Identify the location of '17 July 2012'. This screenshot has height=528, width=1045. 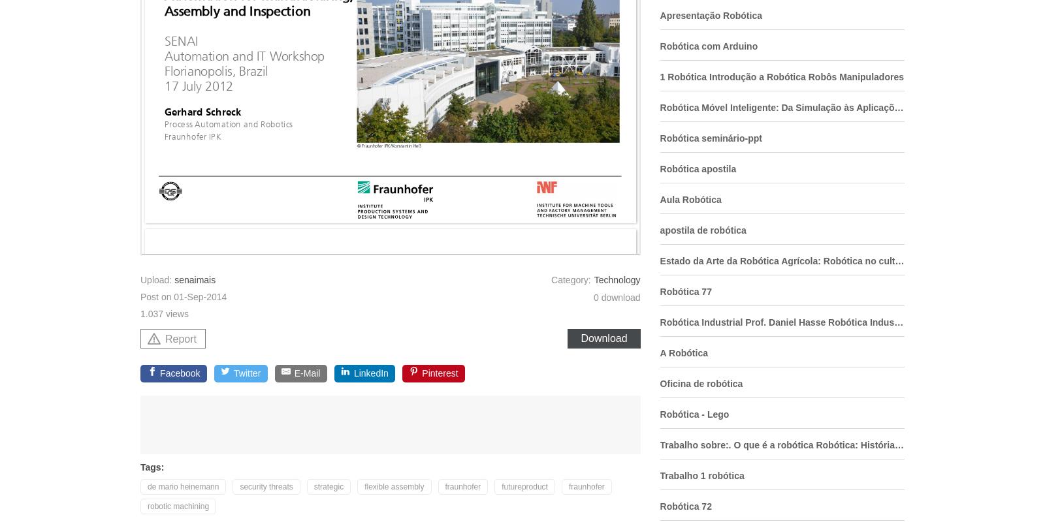
(165, 86).